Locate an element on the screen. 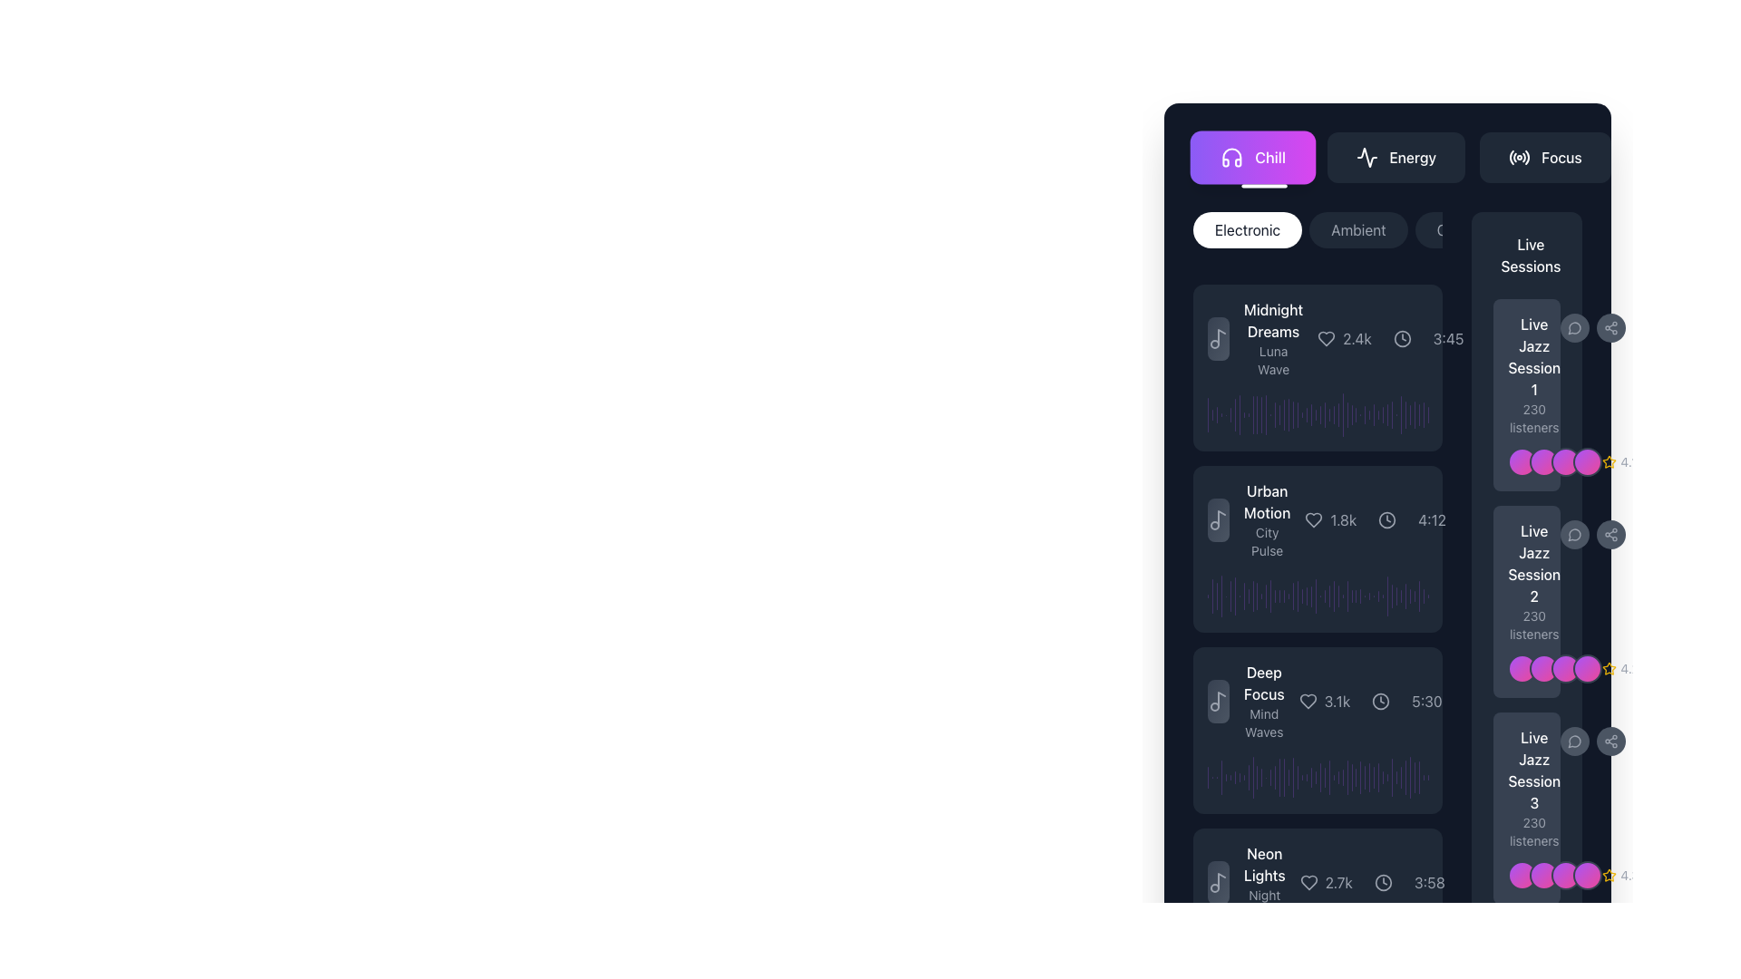 Image resolution: width=1741 pixels, height=979 pixels. the third vertical bar in a group of slim purple bars, which is visually distinct by its height, located in the middle-right area of the interface is located at coordinates (1217, 596).